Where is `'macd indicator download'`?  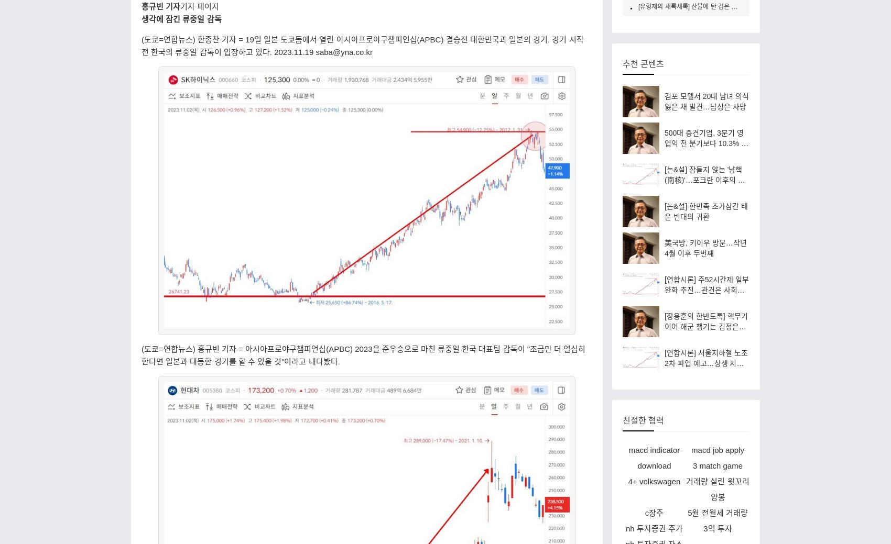 'macd indicator download' is located at coordinates (653, 457).